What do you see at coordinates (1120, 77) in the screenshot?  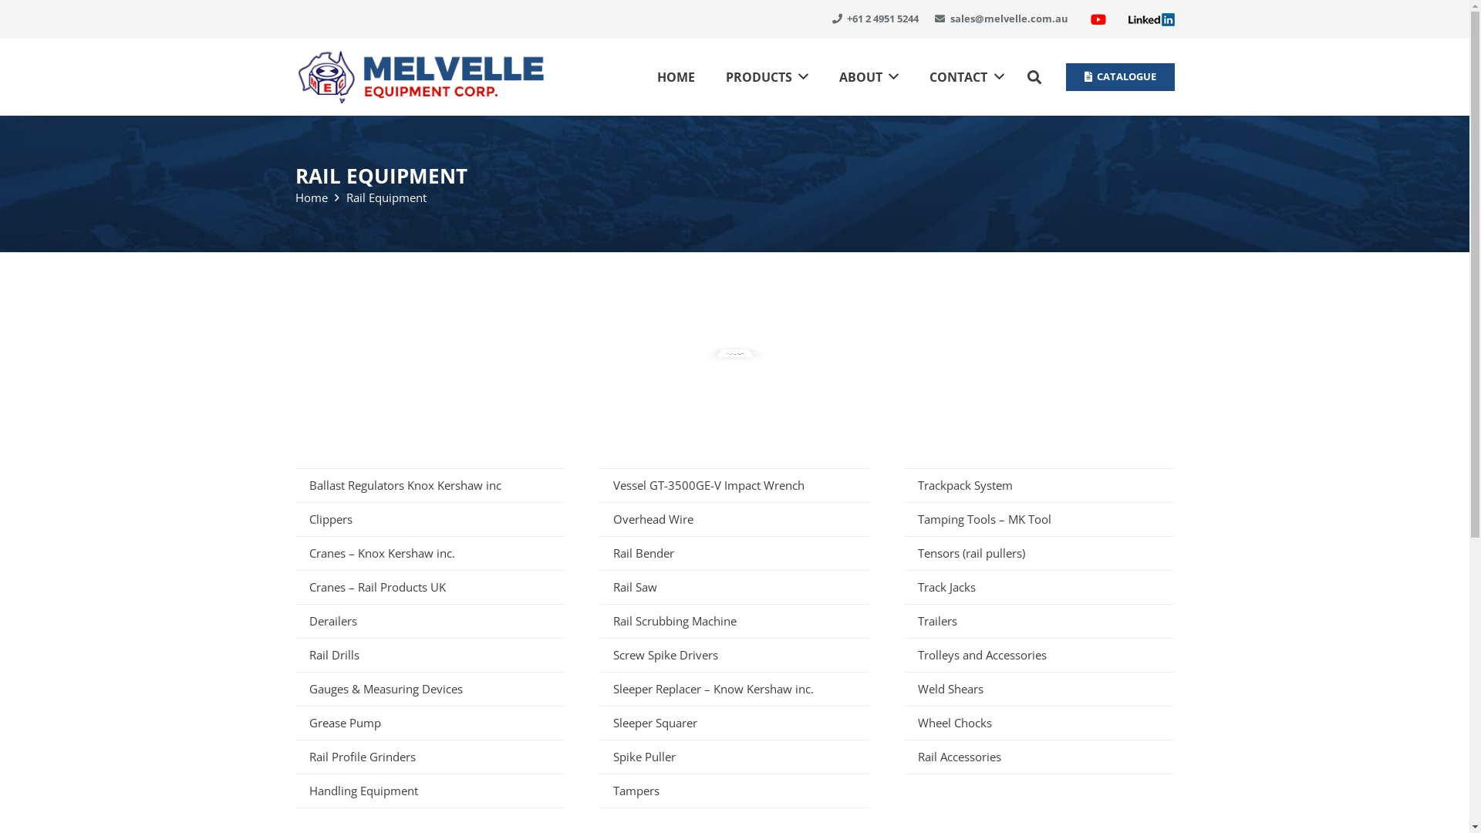 I see `'CATALOGUE'` at bounding box center [1120, 77].